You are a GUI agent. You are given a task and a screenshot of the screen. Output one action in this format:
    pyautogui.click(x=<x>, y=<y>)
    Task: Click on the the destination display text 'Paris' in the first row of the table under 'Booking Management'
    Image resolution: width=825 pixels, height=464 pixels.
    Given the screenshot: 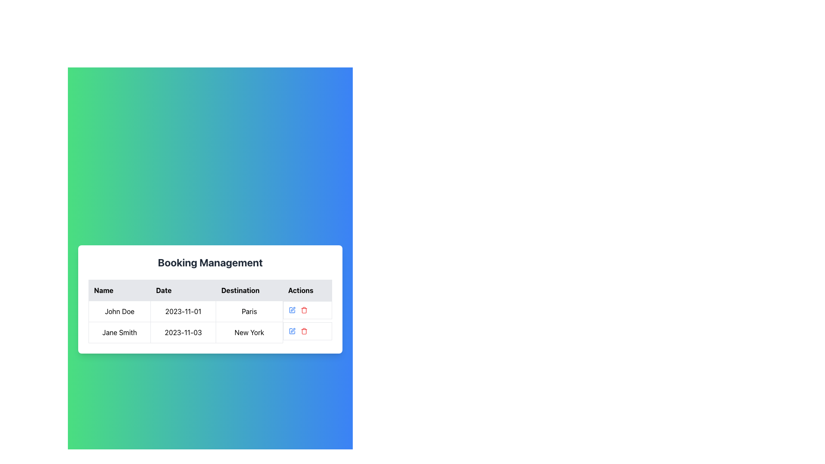 What is the action you would take?
    pyautogui.click(x=249, y=311)
    